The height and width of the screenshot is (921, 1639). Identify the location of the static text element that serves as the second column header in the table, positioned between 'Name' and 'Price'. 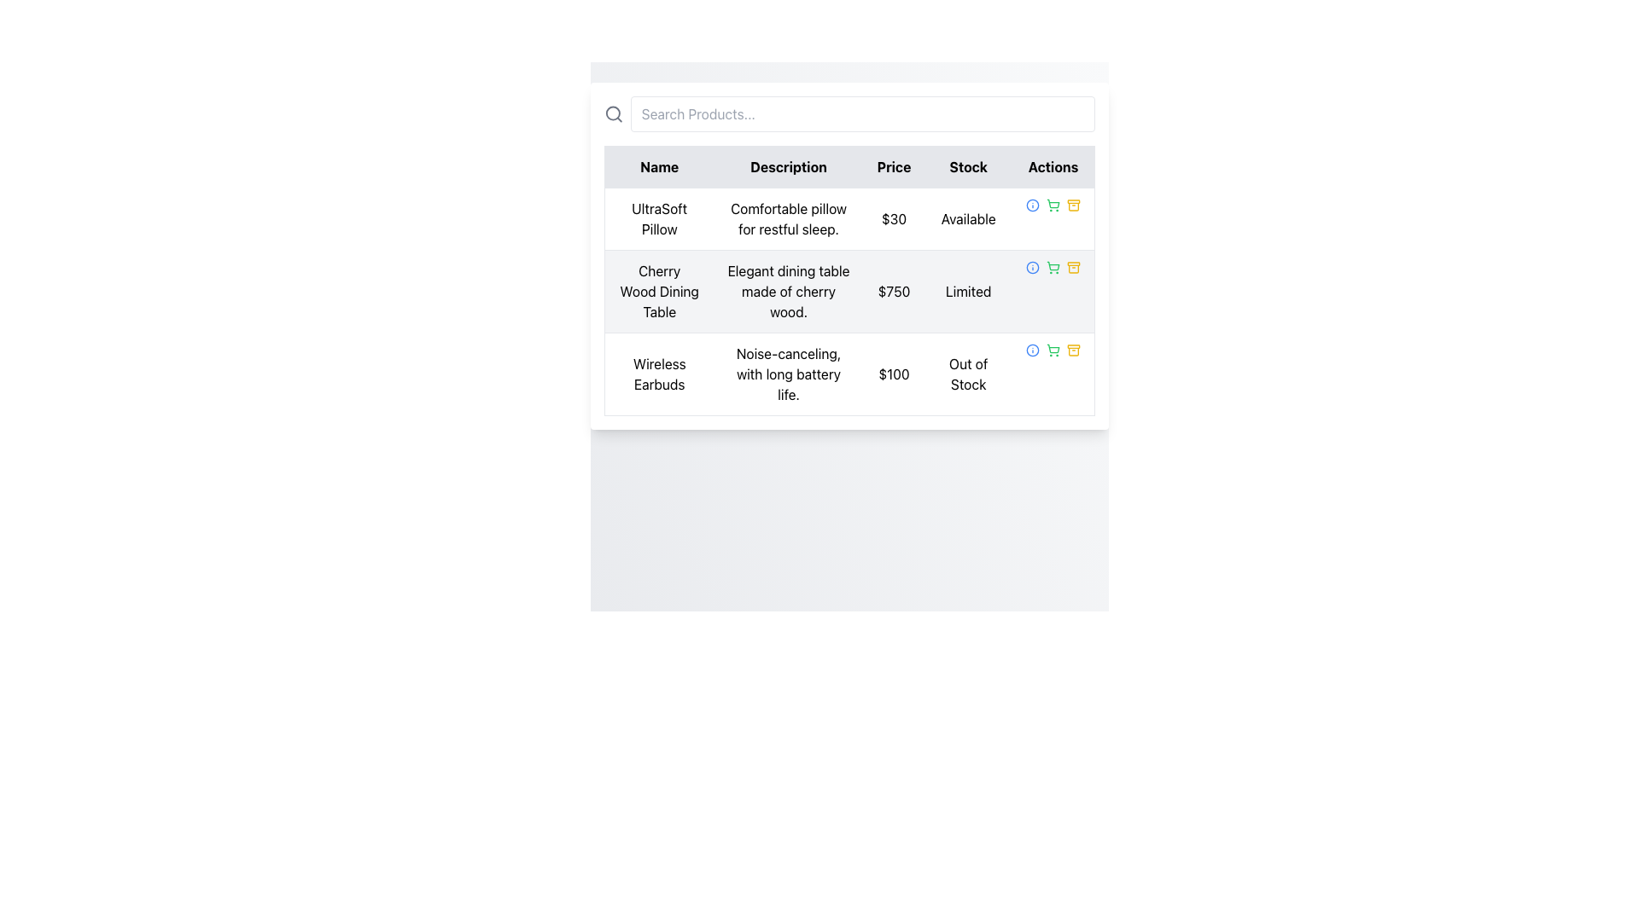
(788, 167).